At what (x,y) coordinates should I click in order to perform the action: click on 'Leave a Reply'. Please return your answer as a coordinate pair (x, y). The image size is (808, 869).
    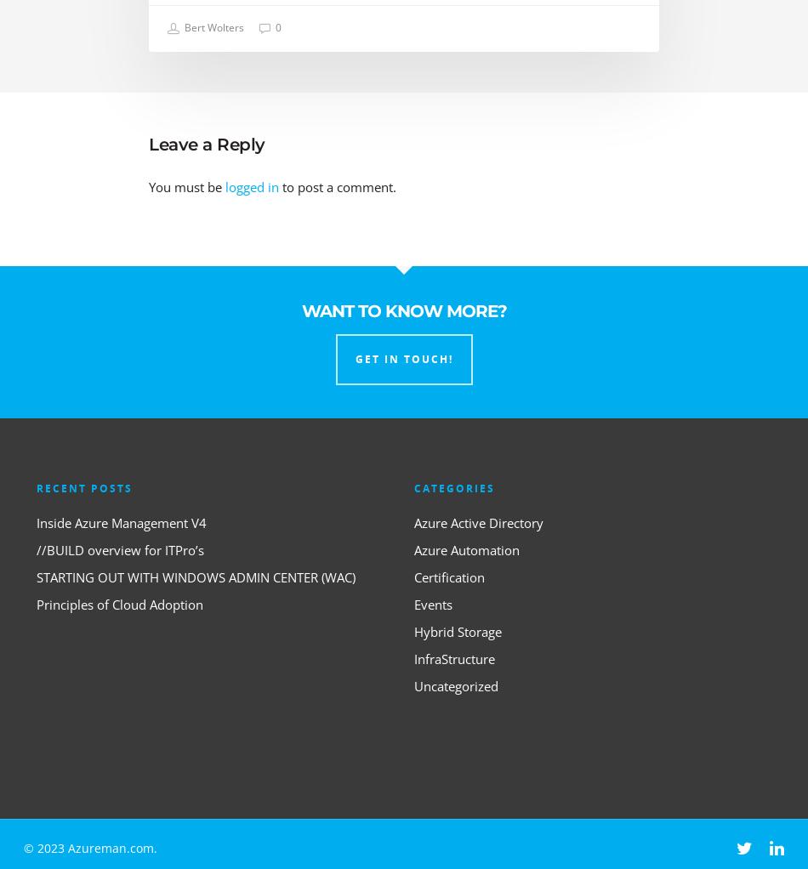
    Looking at the image, I should click on (206, 143).